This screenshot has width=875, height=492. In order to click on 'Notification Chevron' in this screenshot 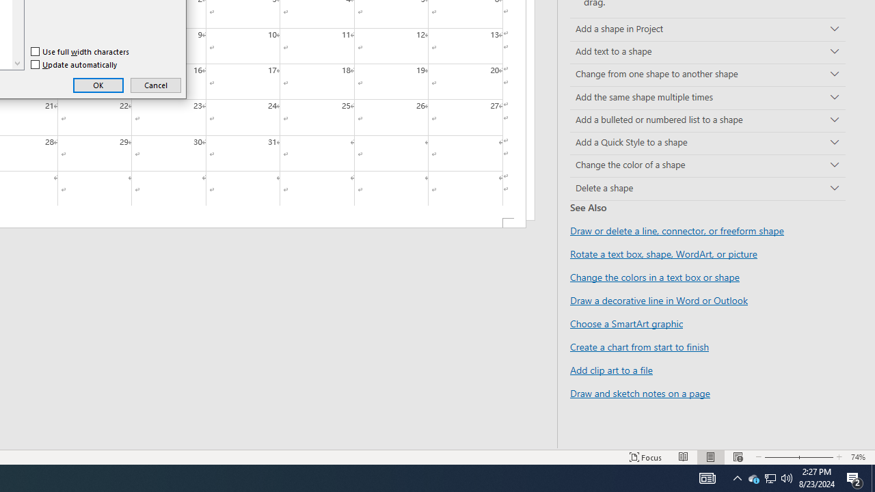, I will do `click(753, 477)`.